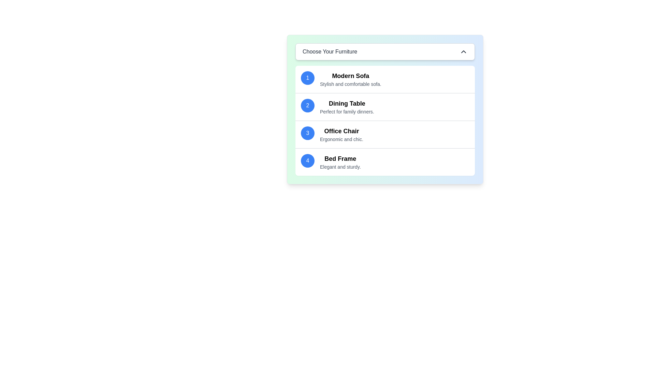 The width and height of the screenshot is (655, 368). I want to click on the 'Dining Table' text label, which is styled as a bold title within the 'Choose Your Furniture' menu, positioned above the description 'Perfect for family dinners.', so click(347, 104).